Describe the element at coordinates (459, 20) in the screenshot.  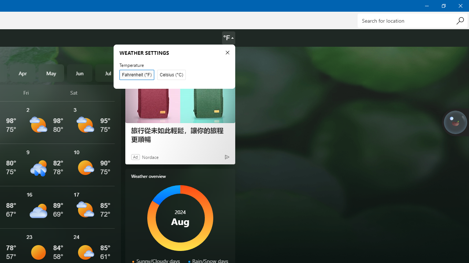
I see `'Search'` at that location.